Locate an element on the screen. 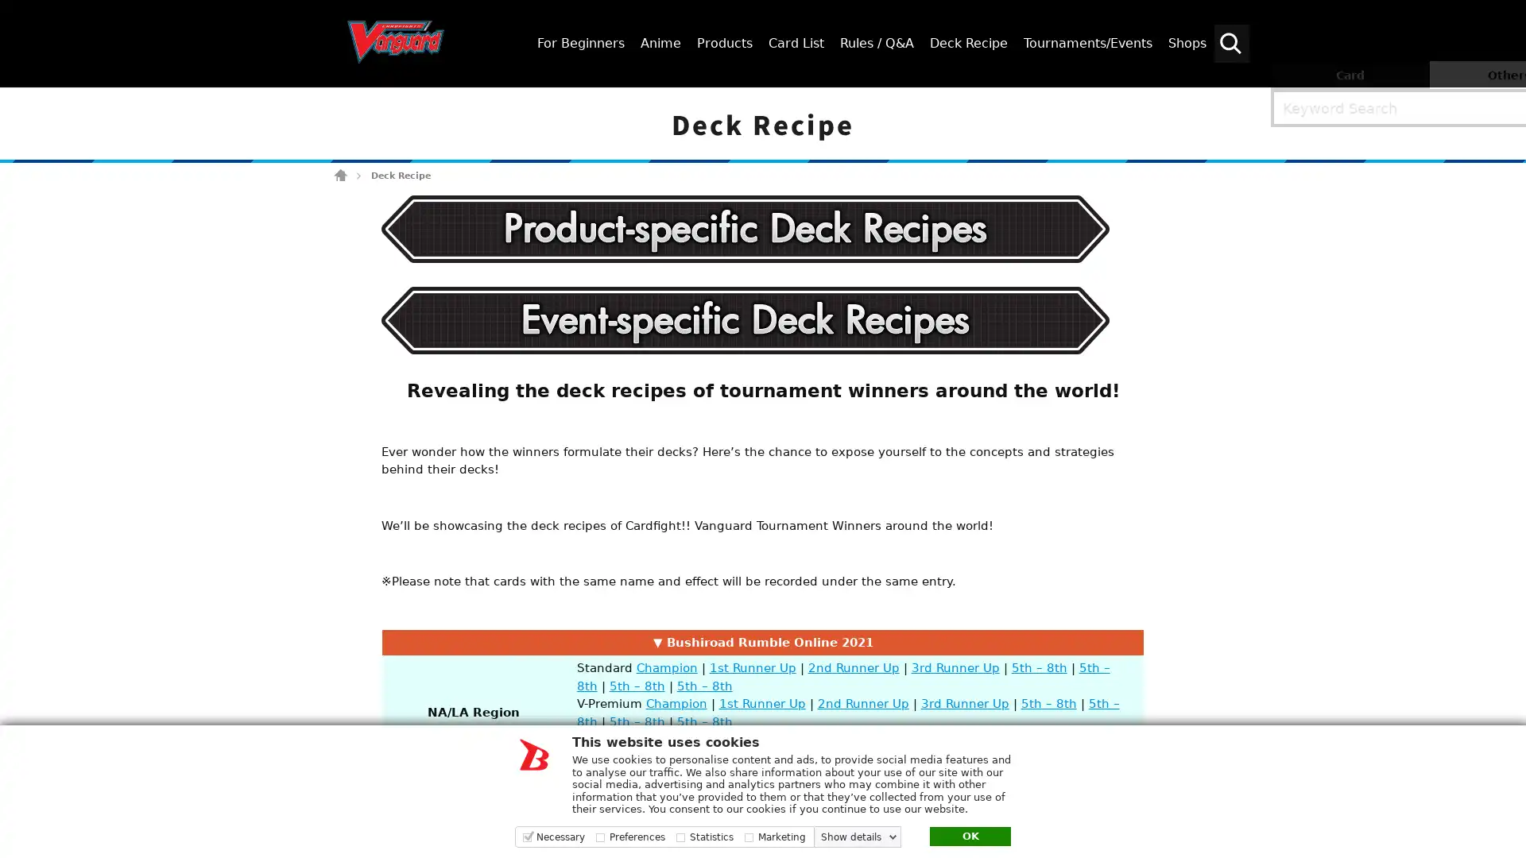 This screenshot has width=1526, height=858. Search is located at coordinates (1506, 101).